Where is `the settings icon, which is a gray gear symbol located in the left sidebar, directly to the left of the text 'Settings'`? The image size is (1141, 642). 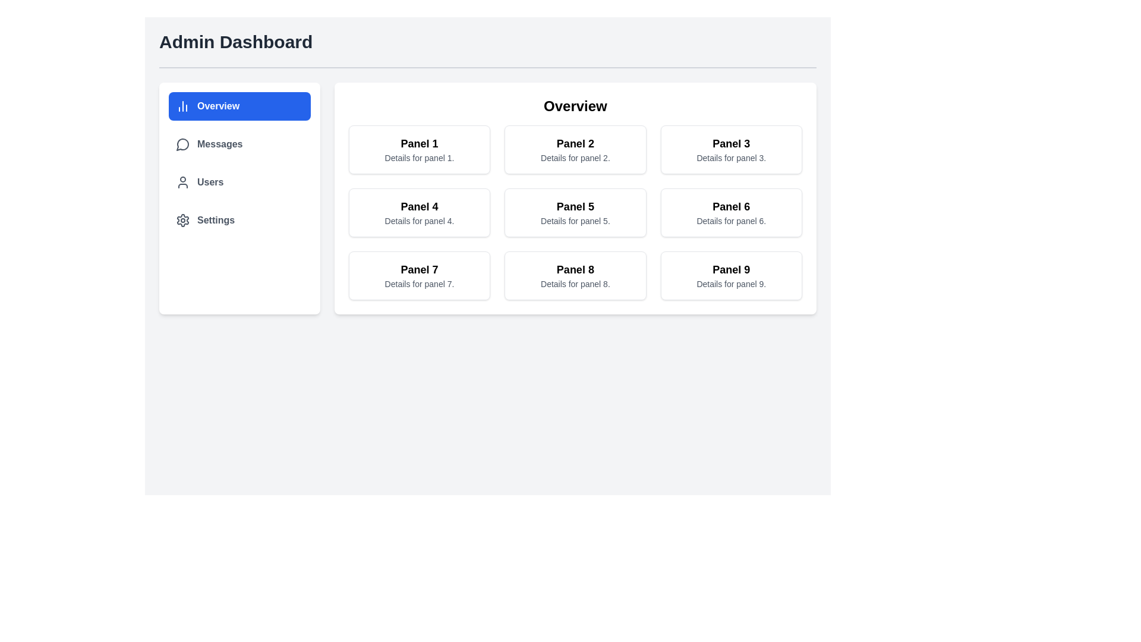 the settings icon, which is a gray gear symbol located in the left sidebar, directly to the left of the text 'Settings' is located at coordinates (182, 220).